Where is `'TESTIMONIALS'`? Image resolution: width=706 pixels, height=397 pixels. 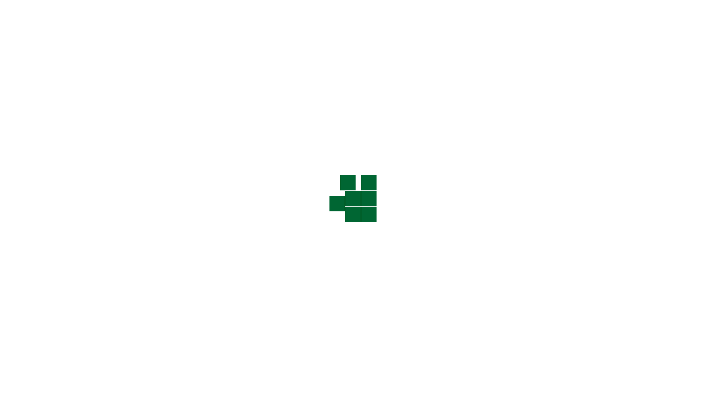 'TESTIMONIALS' is located at coordinates (406, 31).